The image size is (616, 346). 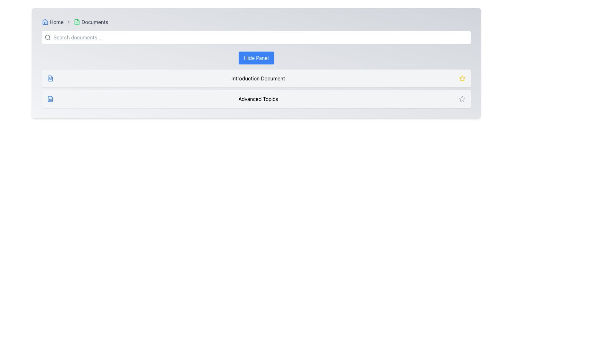 I want to click on the star-shaped icon at the rightmost section of the 'Introduction Document' row to favorite or unfavorite the document, so click(x=462, y=78).